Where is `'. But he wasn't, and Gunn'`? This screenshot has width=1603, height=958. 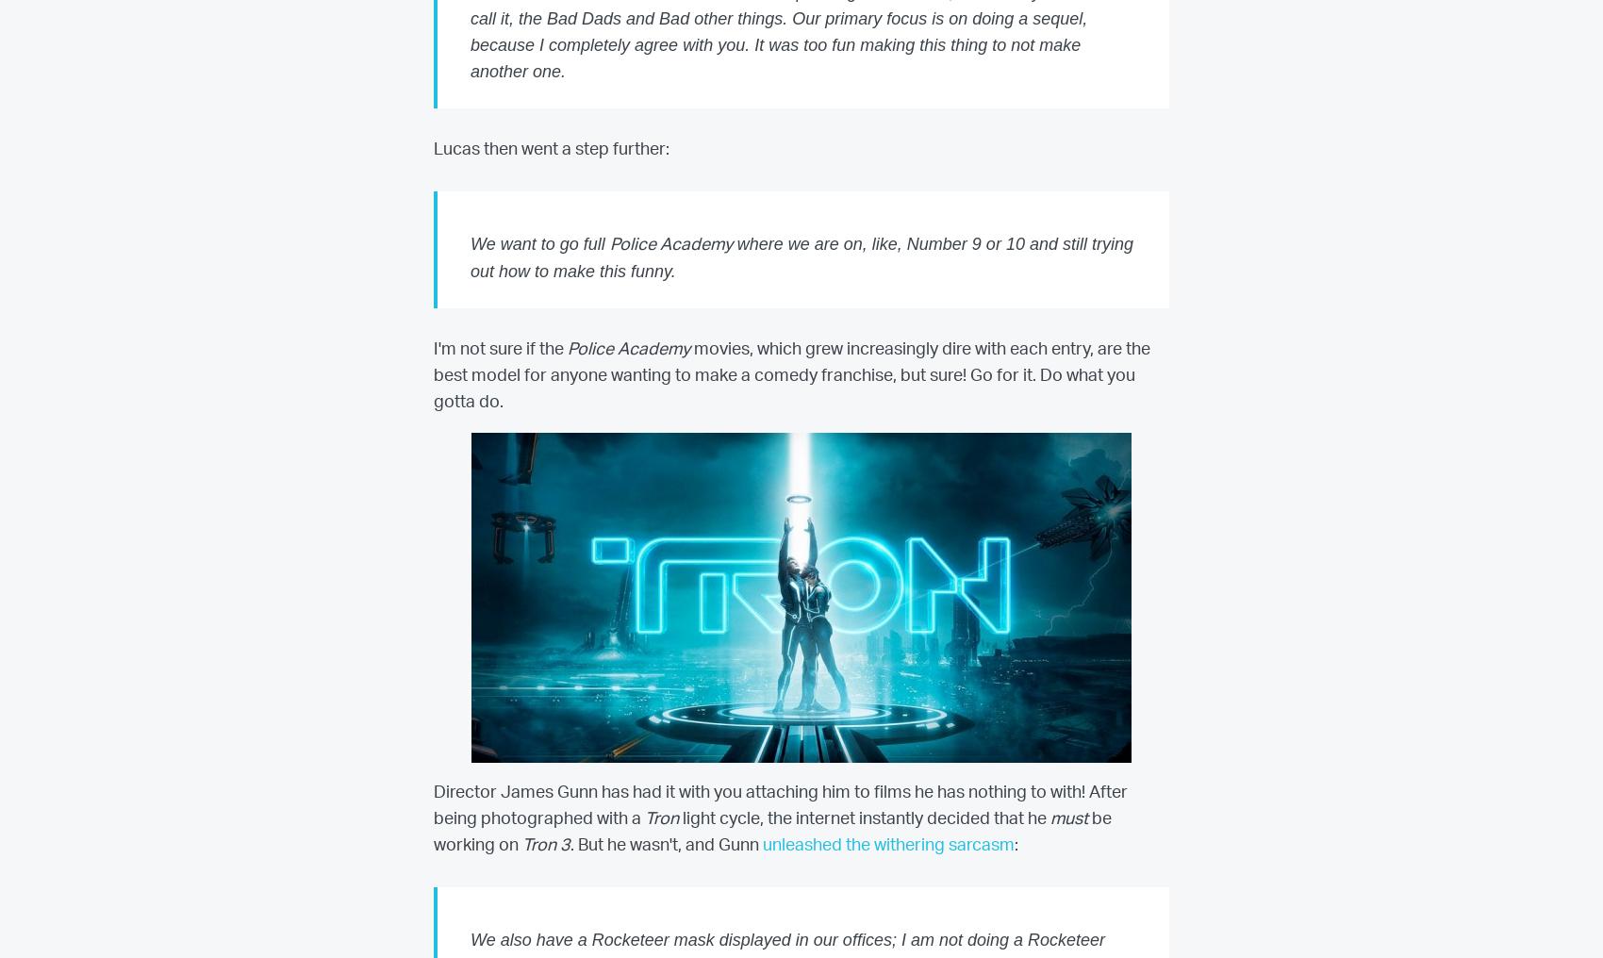 '. But he wasn't, and Gunn' is located at coordinates (667, 845).